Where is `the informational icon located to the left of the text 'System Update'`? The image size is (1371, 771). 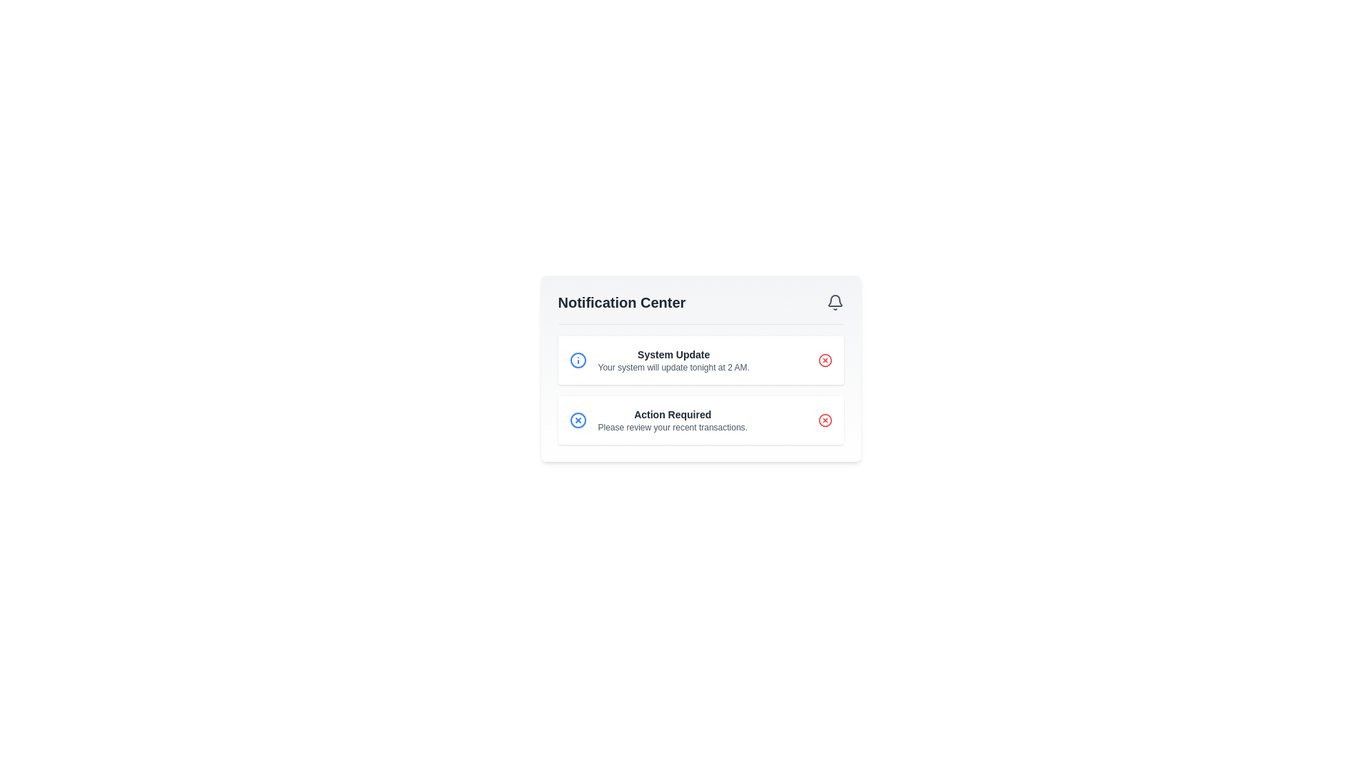 the informational icon located to the left of the text 'System Update' is located at coordinates (578, 360).